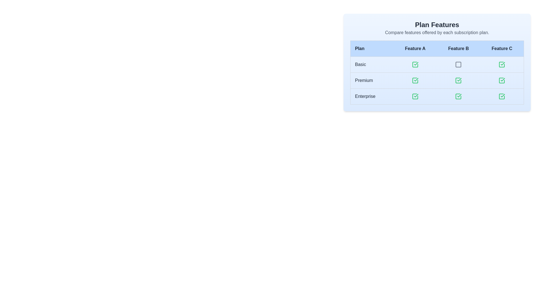 This screenshot has height=302, width=538. I want to click on the static text label reading 'Enterprise', which is located in the leftmost column of the table under the 'Plan Features' title, positioned below 'Basic' and 'Premium', so click(372, 96).